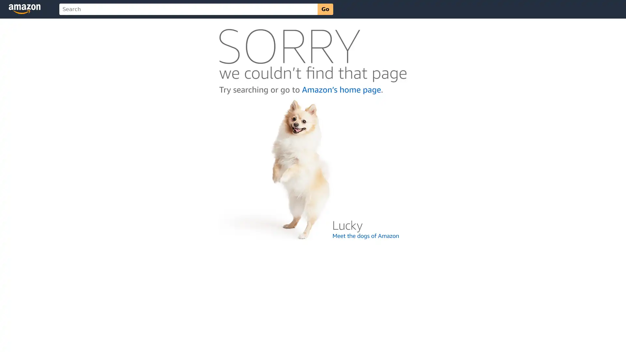 This screenshot has width=626, height=352. Describe the element at coordinates (325, 9) in the screenshot. I see `Go` at that location.